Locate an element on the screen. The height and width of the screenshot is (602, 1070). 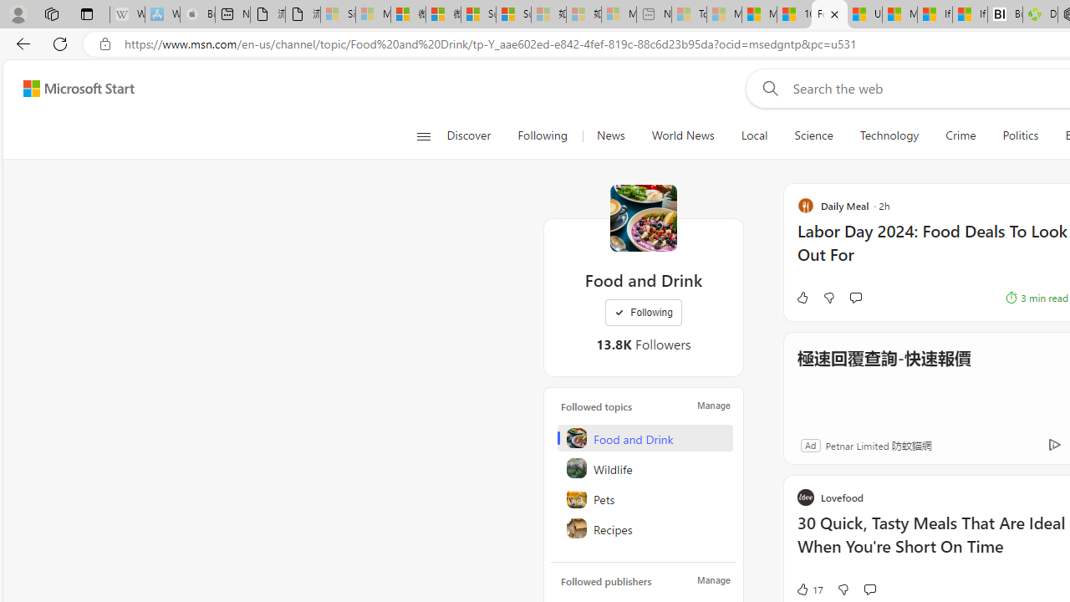
'Class: button-glyph' is located at coordinates (423, 135).